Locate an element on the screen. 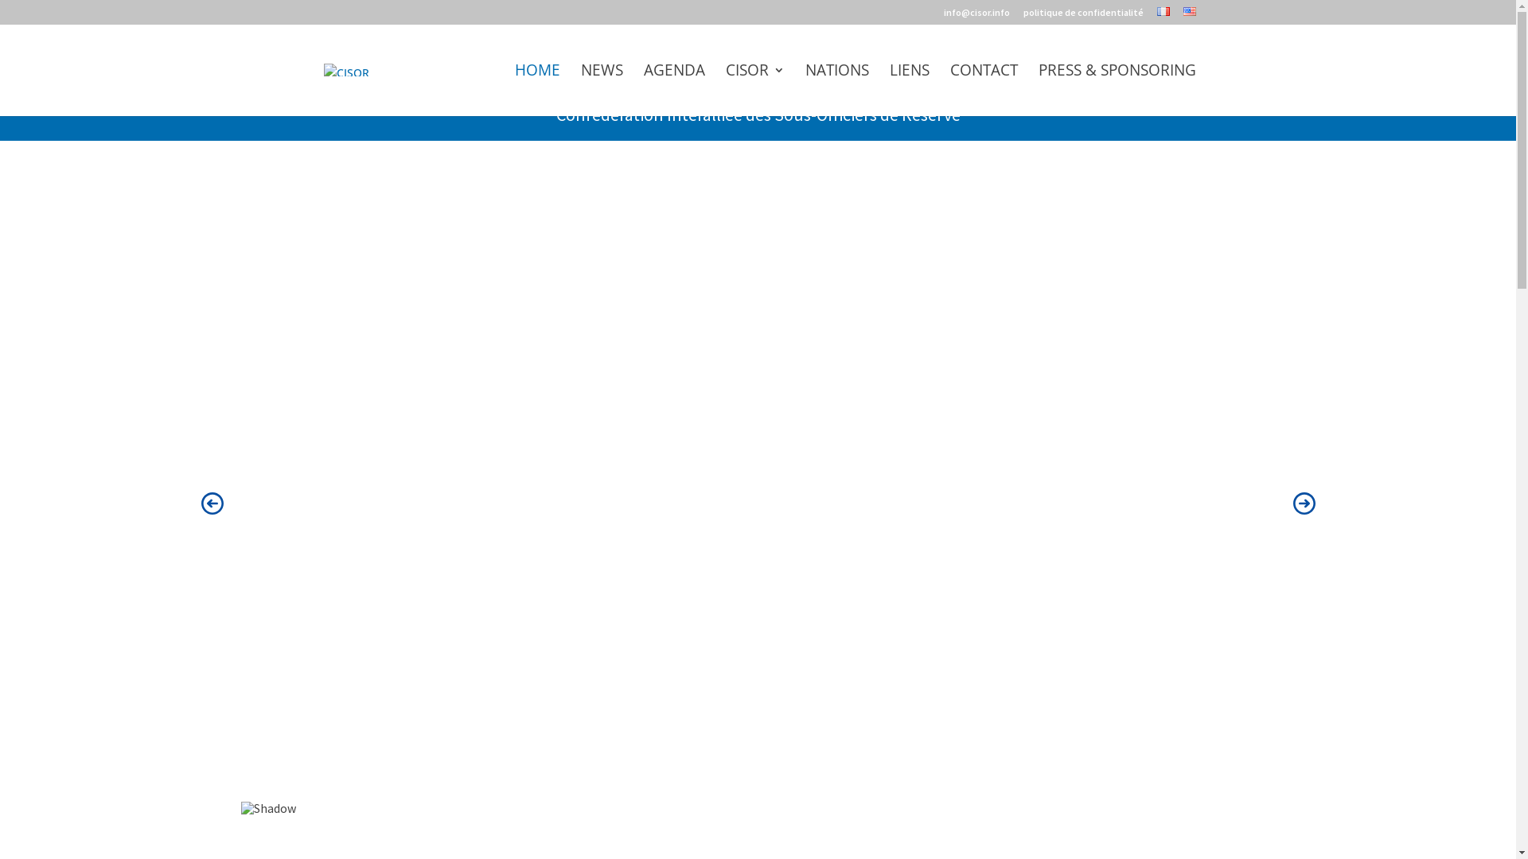  'AGENDA' is located at coordinates (642, 90).